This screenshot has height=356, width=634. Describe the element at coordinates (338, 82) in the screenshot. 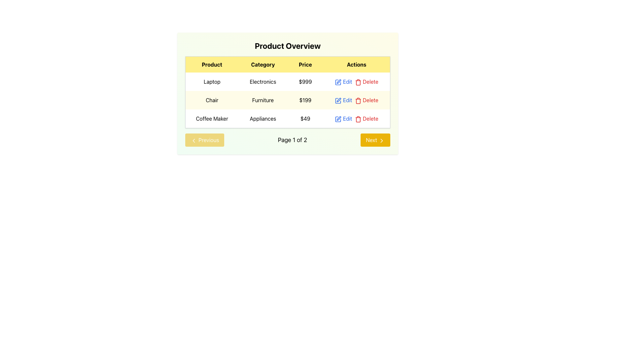

I see `the pen icon located in the 'Actions' column next to the first row's product 'Laptop'` at that location.